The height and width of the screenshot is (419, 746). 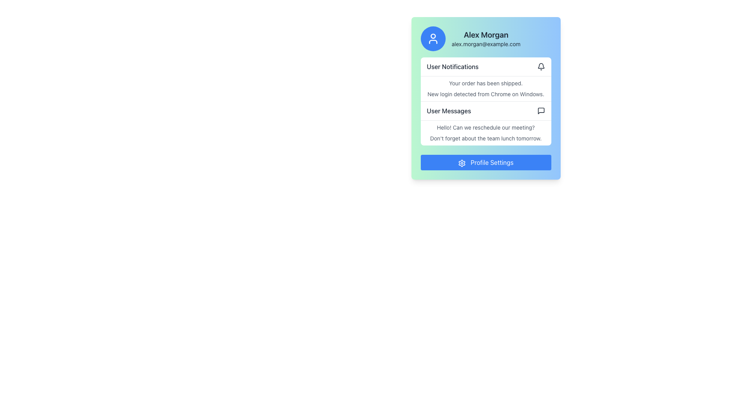 I want to click on the gray bell icon located on the right-hand side of the 'User Notifications' section header, so click(x=540, y=66).